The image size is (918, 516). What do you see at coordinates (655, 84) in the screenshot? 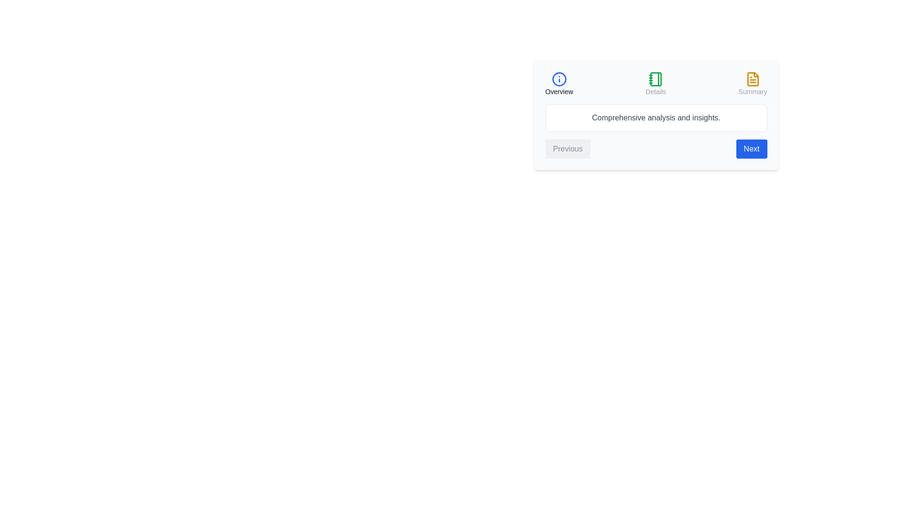
I see `the step titled Details to navigate to that step` at bounding box center [655, 84].